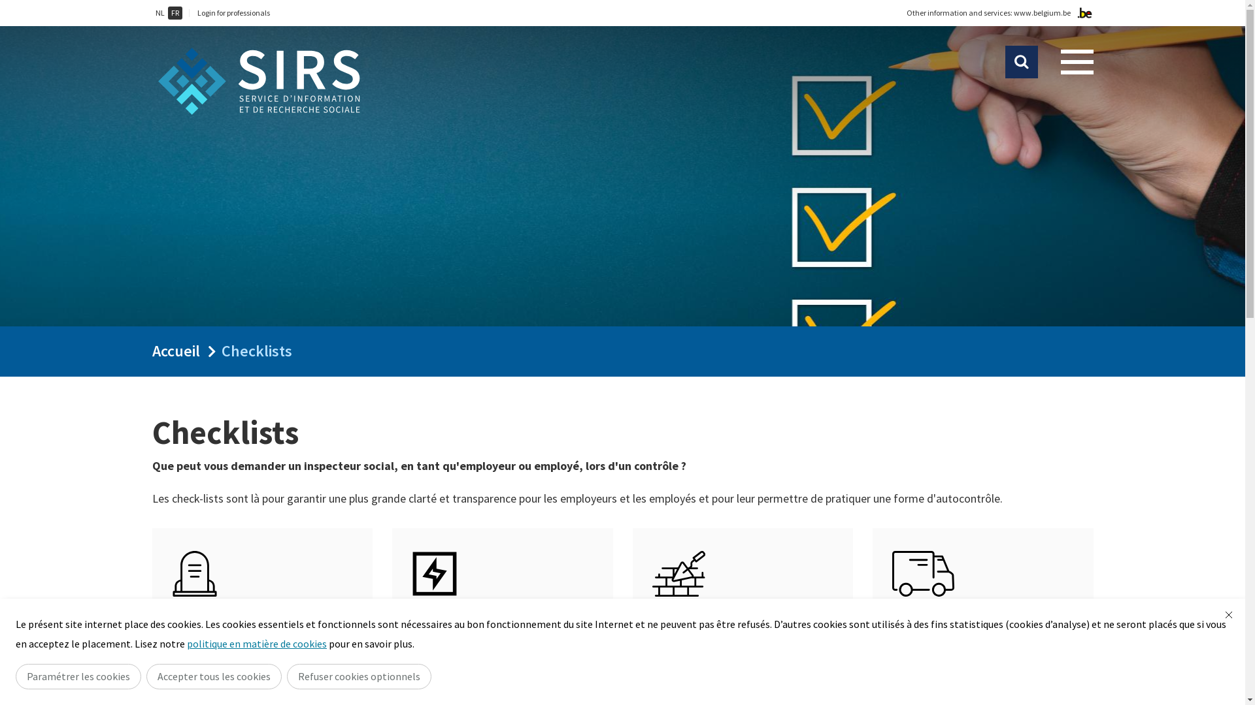 This screenshot has width=1255, height=705. What do you see at coordinates (174, 12) in the screenshot?
I see `'FR'` at bounding box center [174, 12].